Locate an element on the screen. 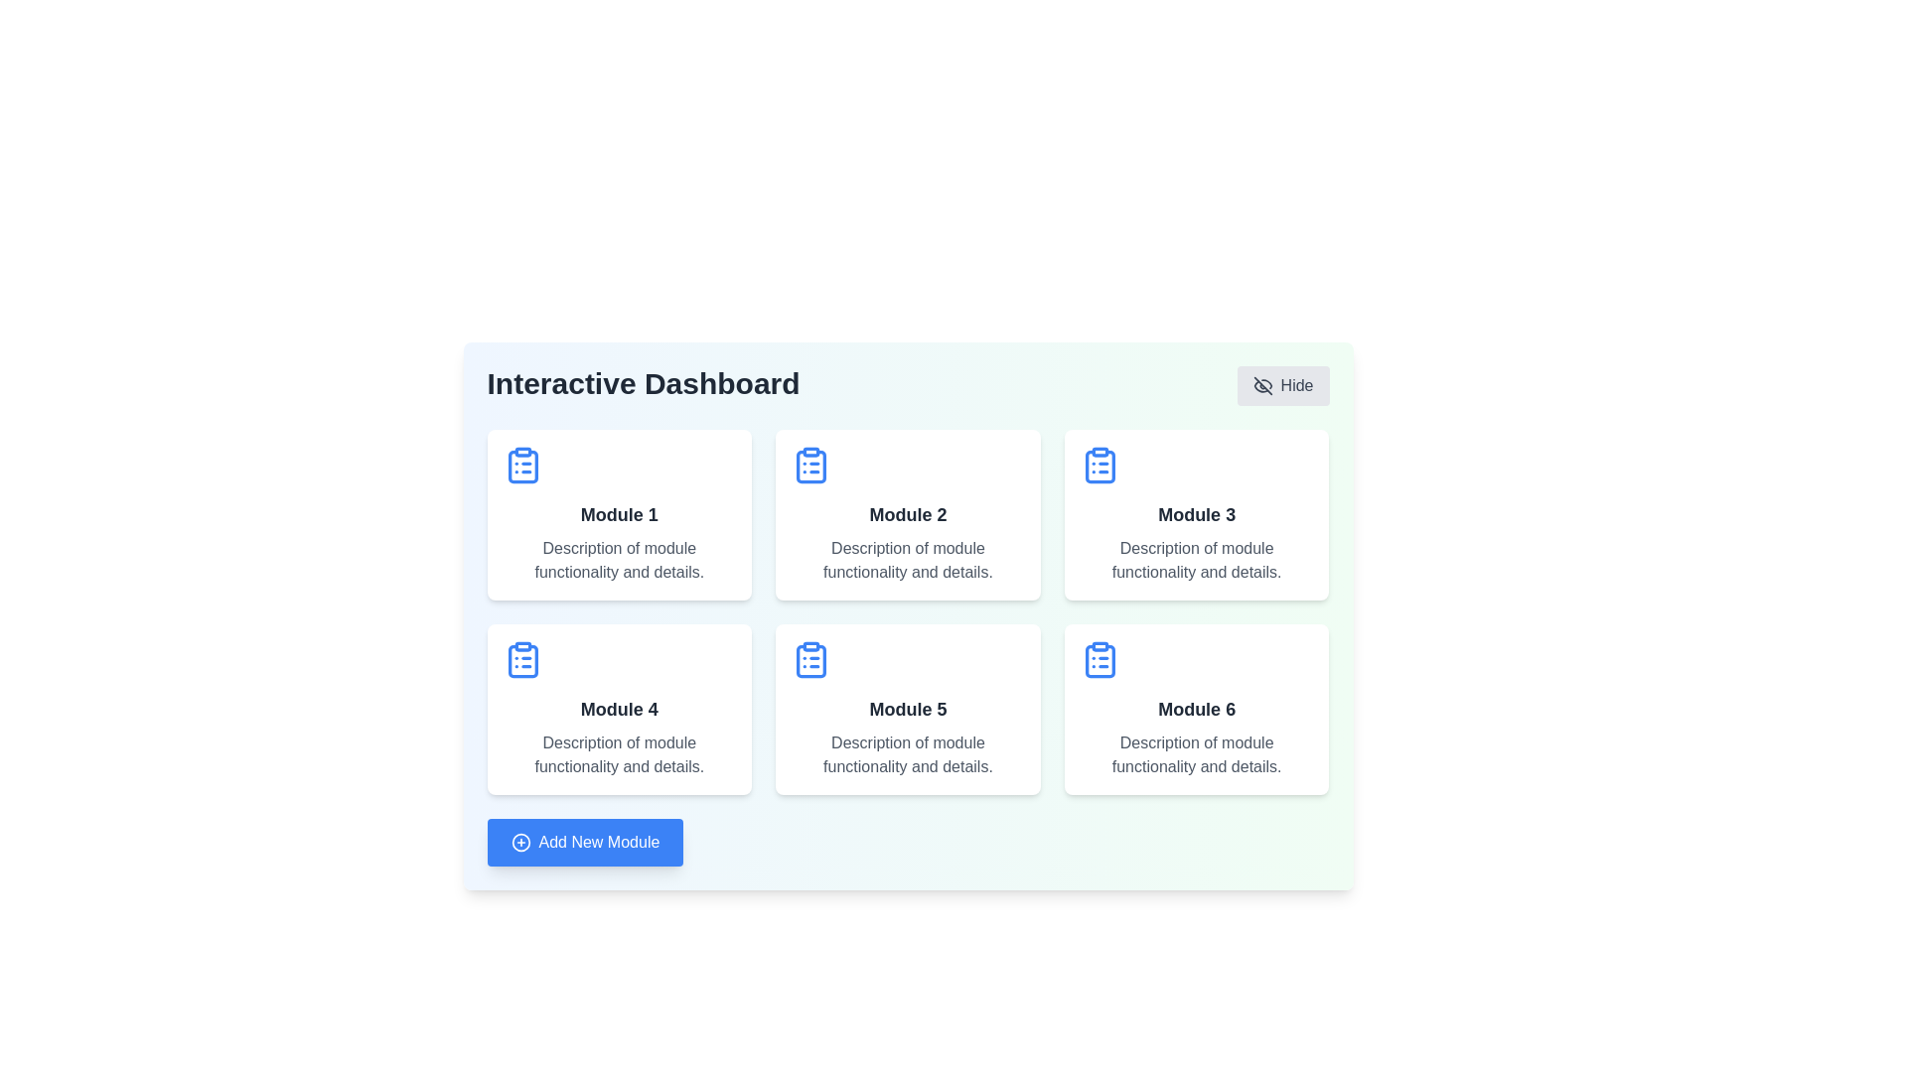 The height and width of the screenshot is (1072, 1907). the clipboard icon located at the top-left corner of the 'Module 3' card in the top row of the dashboard grid, third column from the left is located at coordinates (1099, 466).